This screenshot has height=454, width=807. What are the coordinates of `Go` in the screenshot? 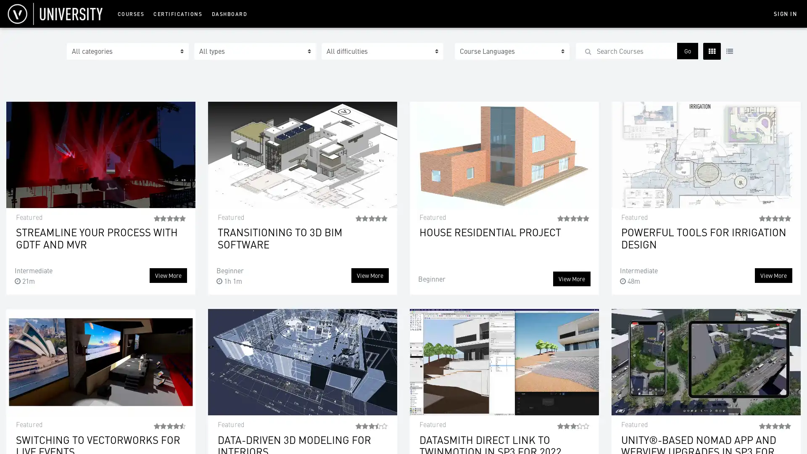 It's located at (687, 51).